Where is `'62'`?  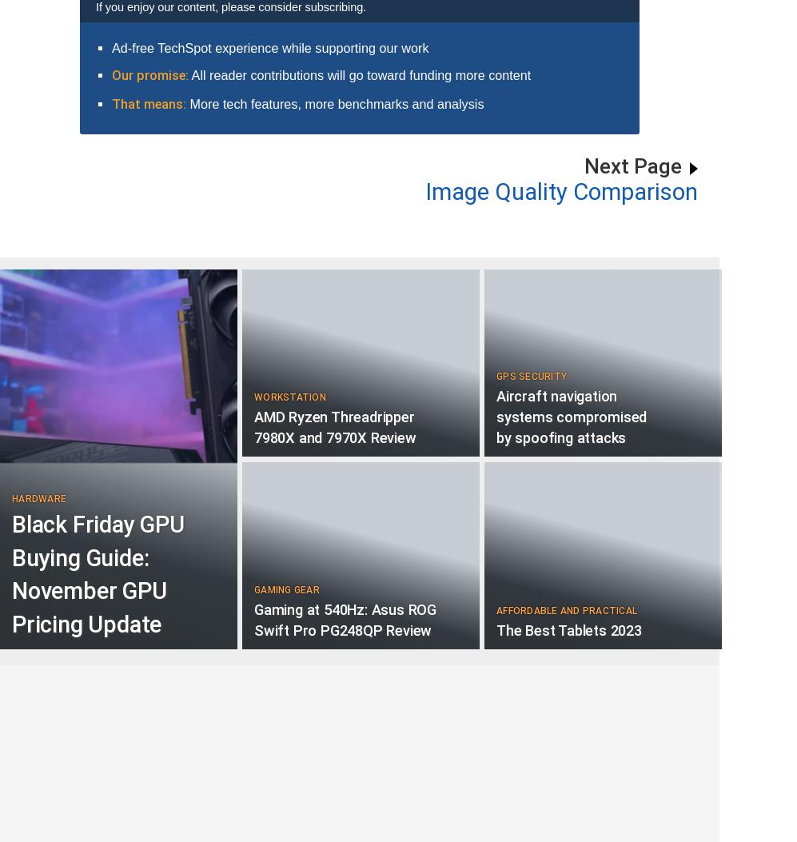 '62' is located at coordinates (206, 717).